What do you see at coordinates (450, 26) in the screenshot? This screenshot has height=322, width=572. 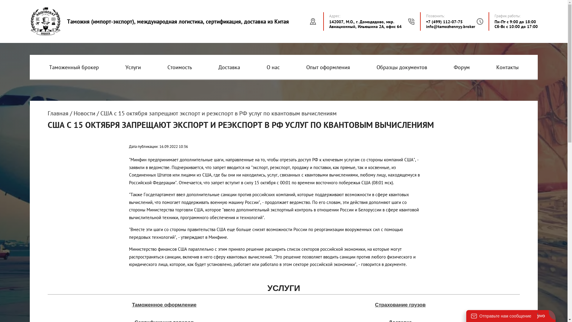 I see `'info@tamozhennyy.broker'` at bounding box center [450, 26].